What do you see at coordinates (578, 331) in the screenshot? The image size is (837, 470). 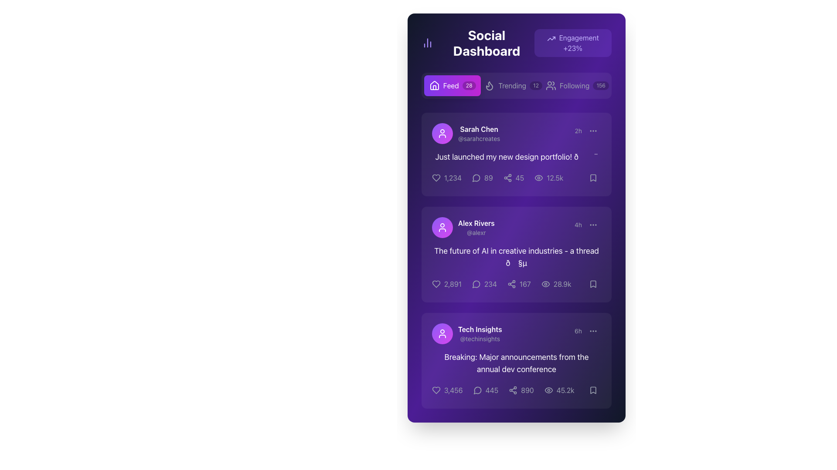 I see `the text label displaying '6h'` at bounding box center [578, 331].